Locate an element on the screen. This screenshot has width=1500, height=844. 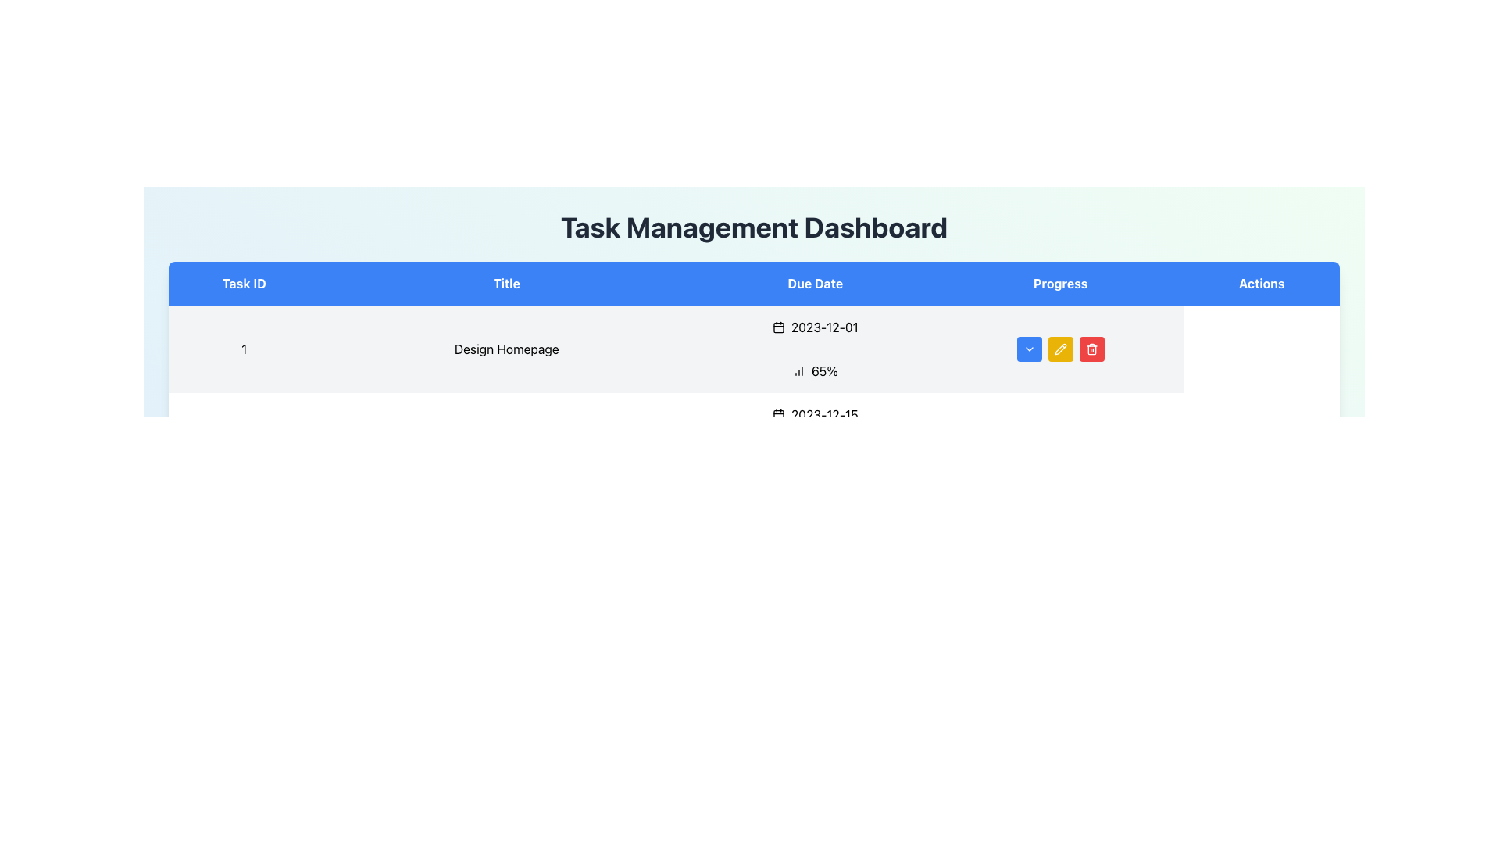
the percentage value displayed in the Text and Icon Indicator, which shows '65%' and is located in the 'Progress' column of the table is located at coordinates (814, 370).